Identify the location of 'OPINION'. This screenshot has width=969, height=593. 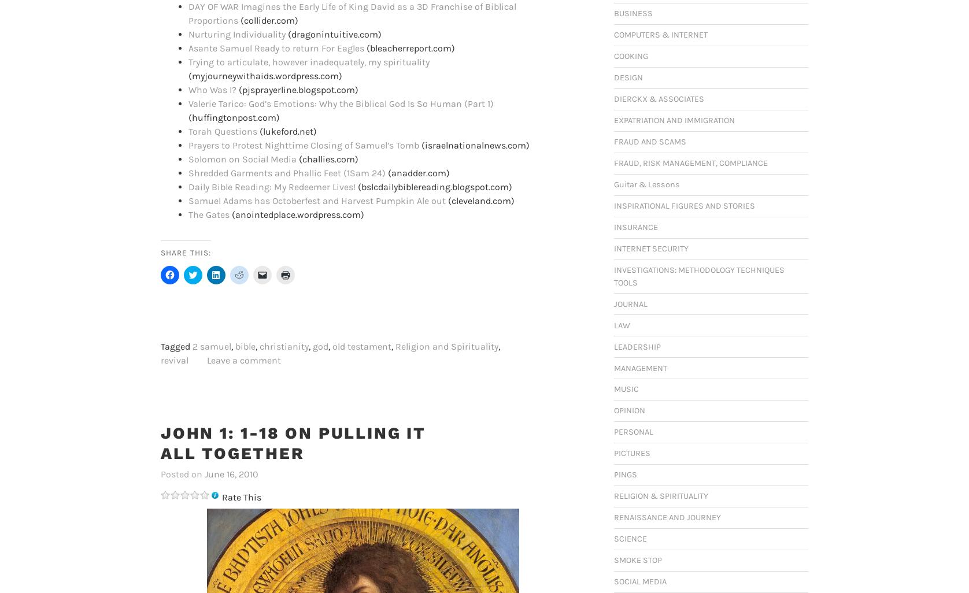
(613, 410).